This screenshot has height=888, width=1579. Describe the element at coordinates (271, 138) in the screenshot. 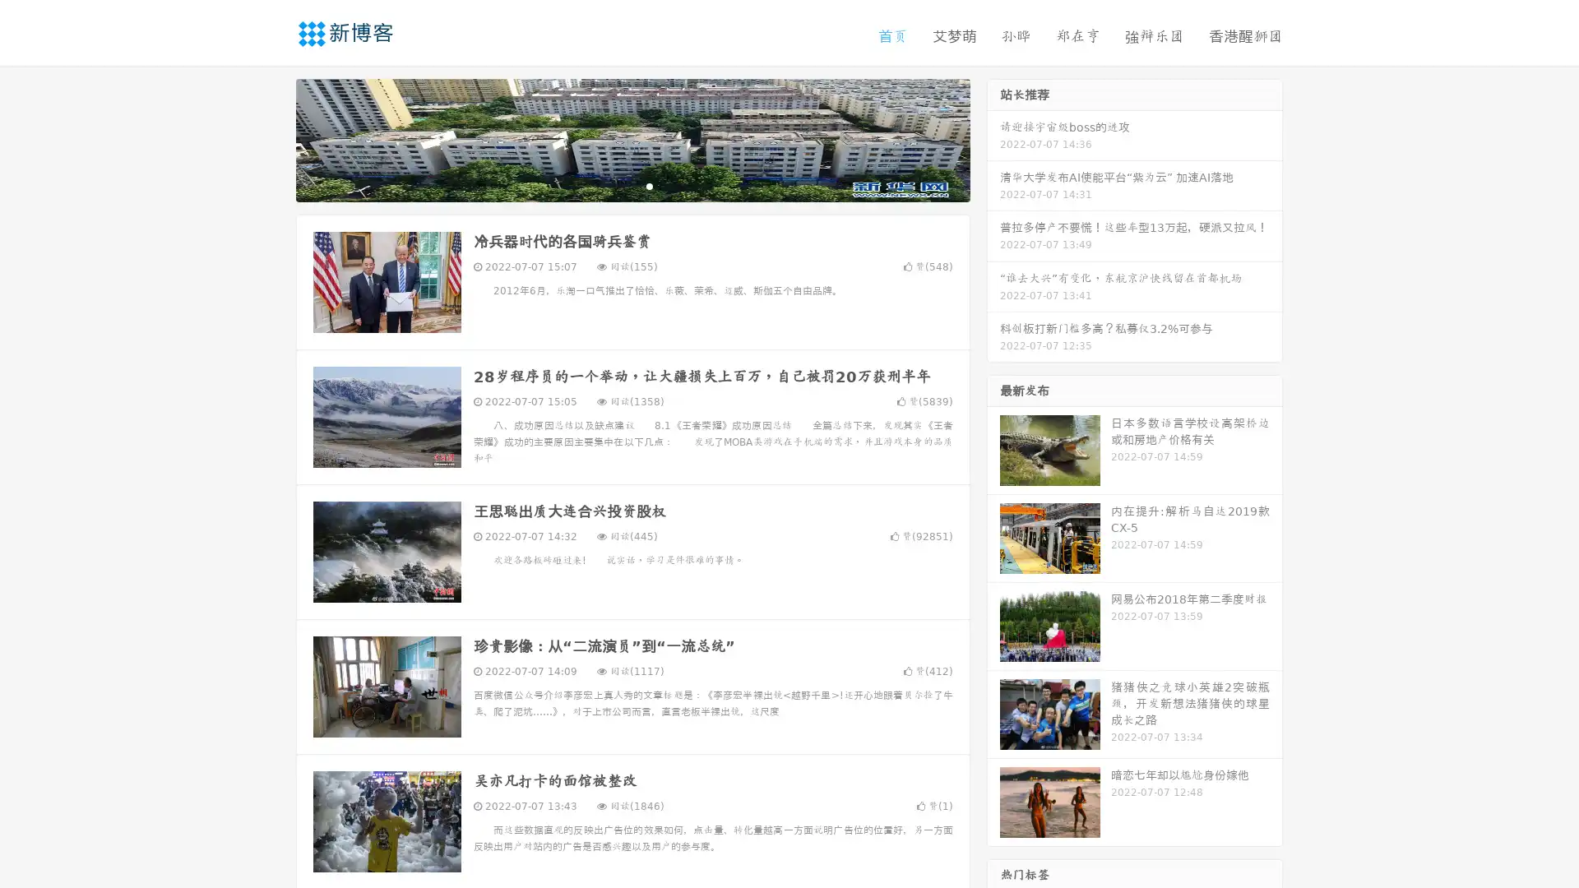

I see `Previous slide` at that location.